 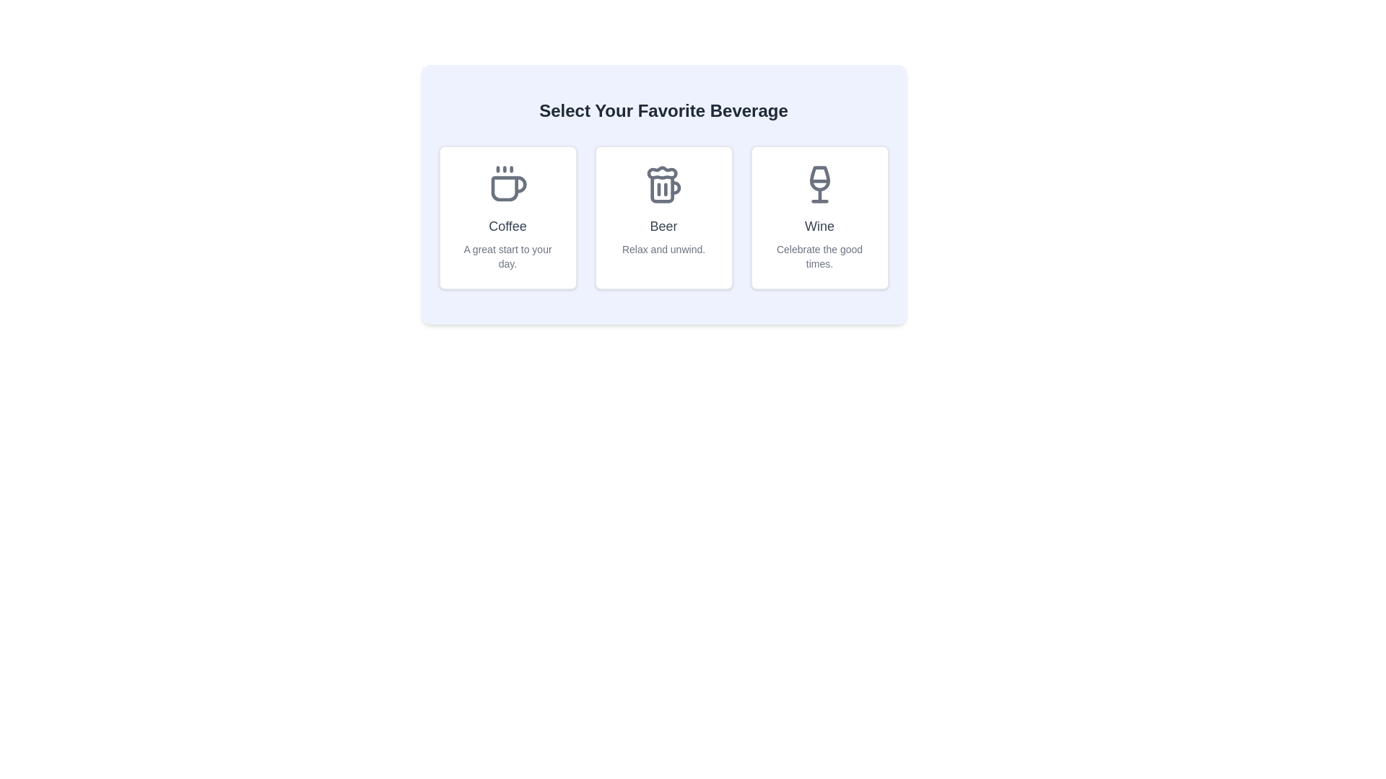 I want to click on the beer mug icon located in the central card of the beverage selection interface, positioned above the 'Beer' label, so click(x=663, y=183).